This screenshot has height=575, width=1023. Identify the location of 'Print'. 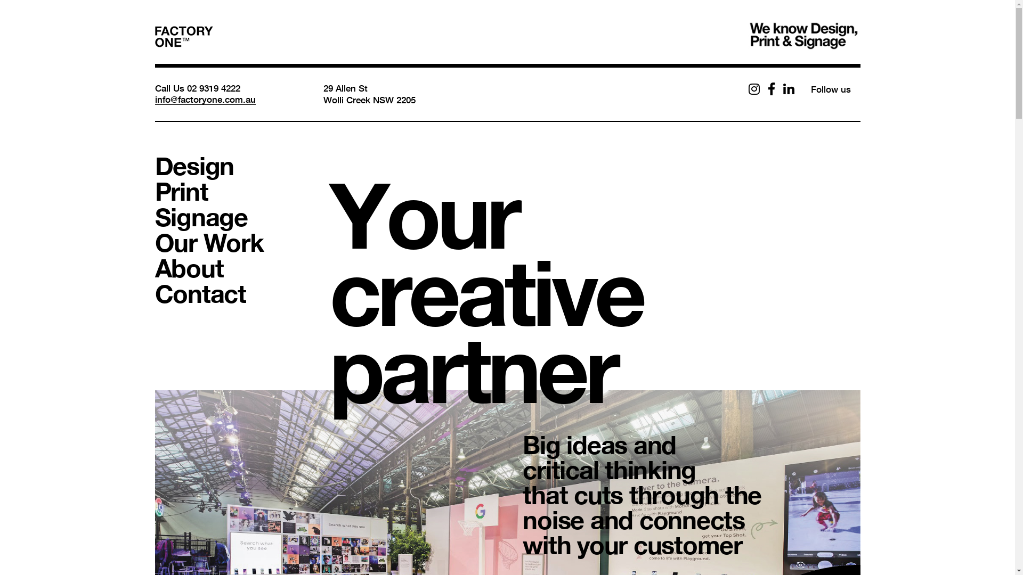
(181, 190).